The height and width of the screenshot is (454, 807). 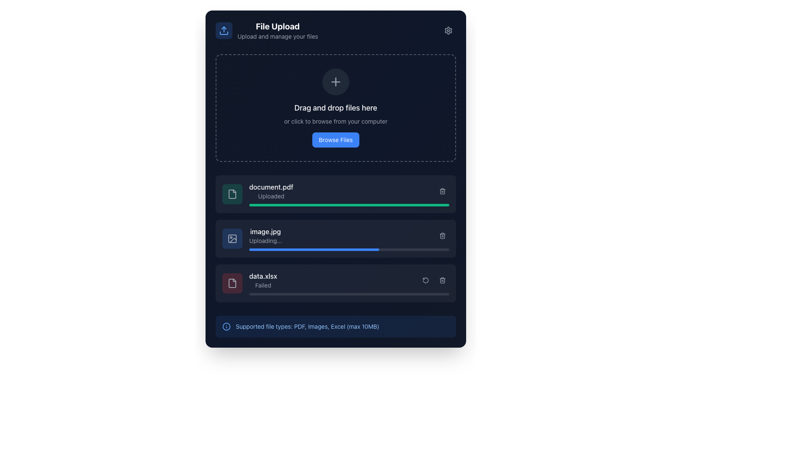 What do you see at coordinates (448, 30) in the screenshot?
I see `the settings icon styled as a gear, located in the top-right corner of the interface` at bounding box center [448, 30].